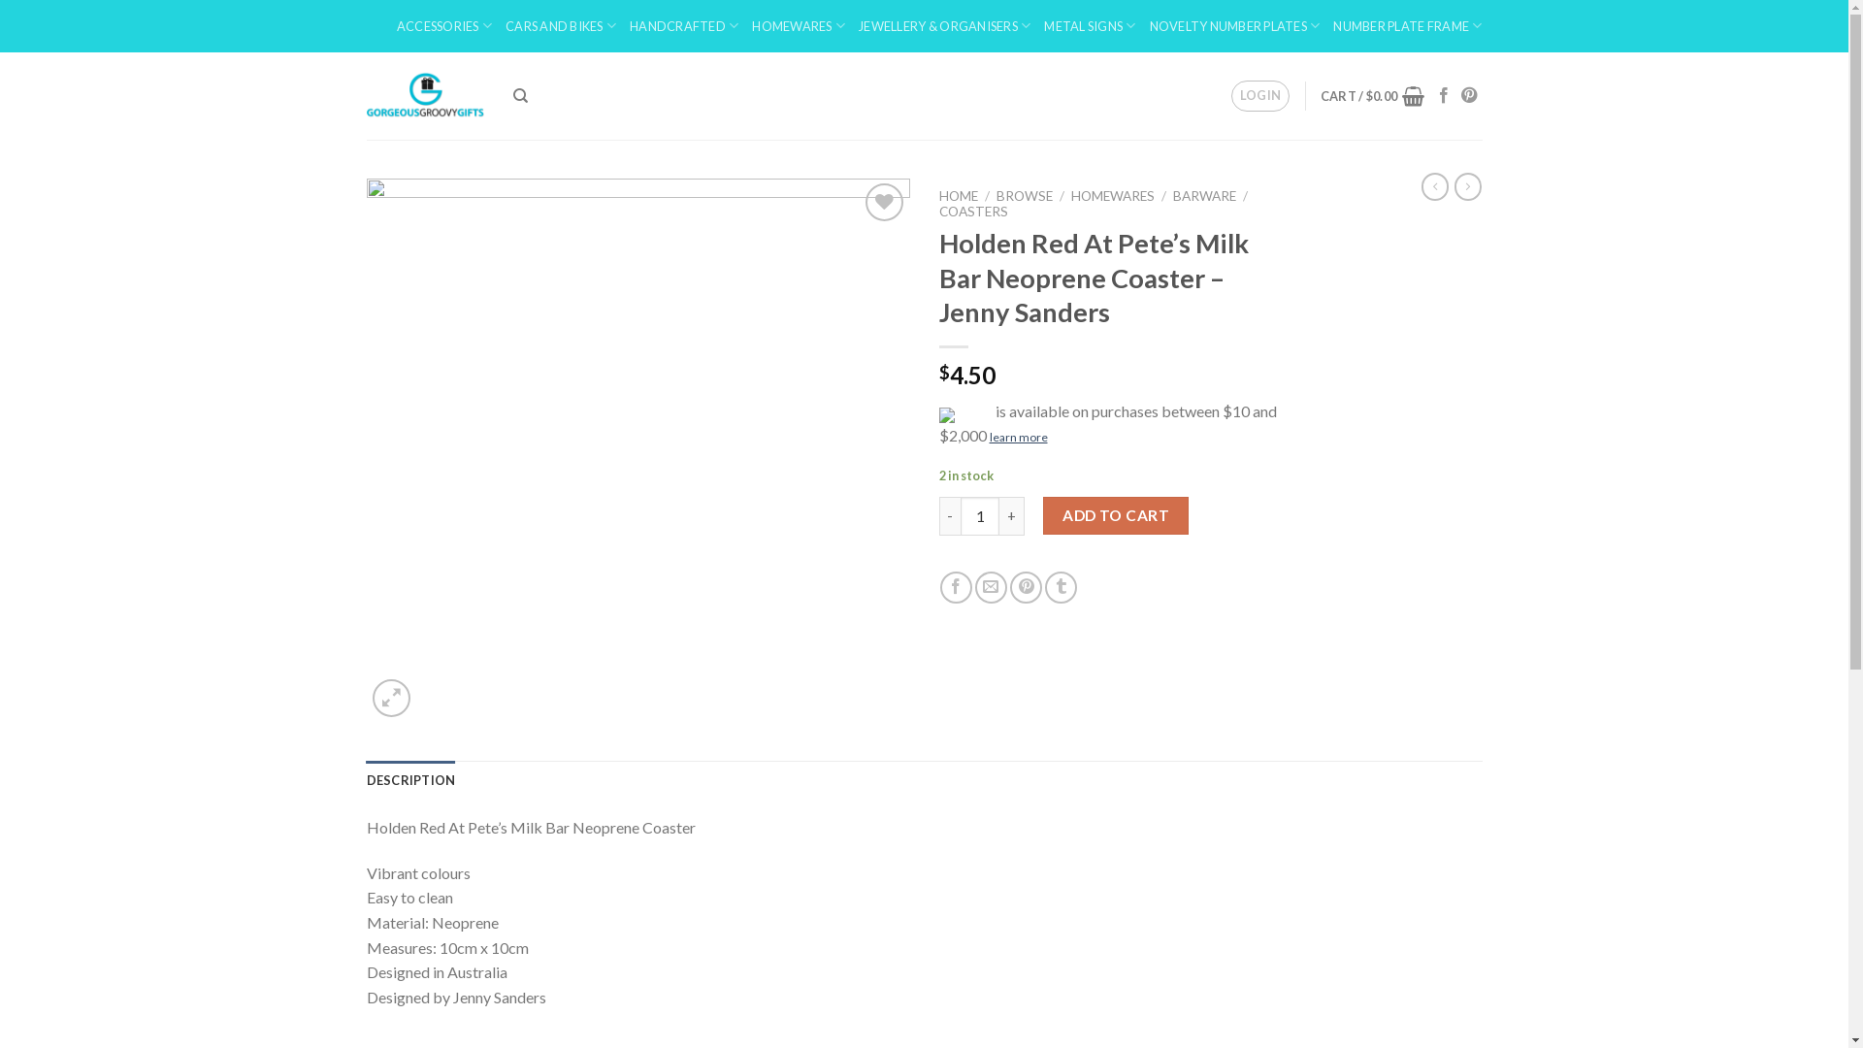 This screenshot has height=1048, width=1863. I want to click on 'CARS AND BIKES', so click(559, 26).